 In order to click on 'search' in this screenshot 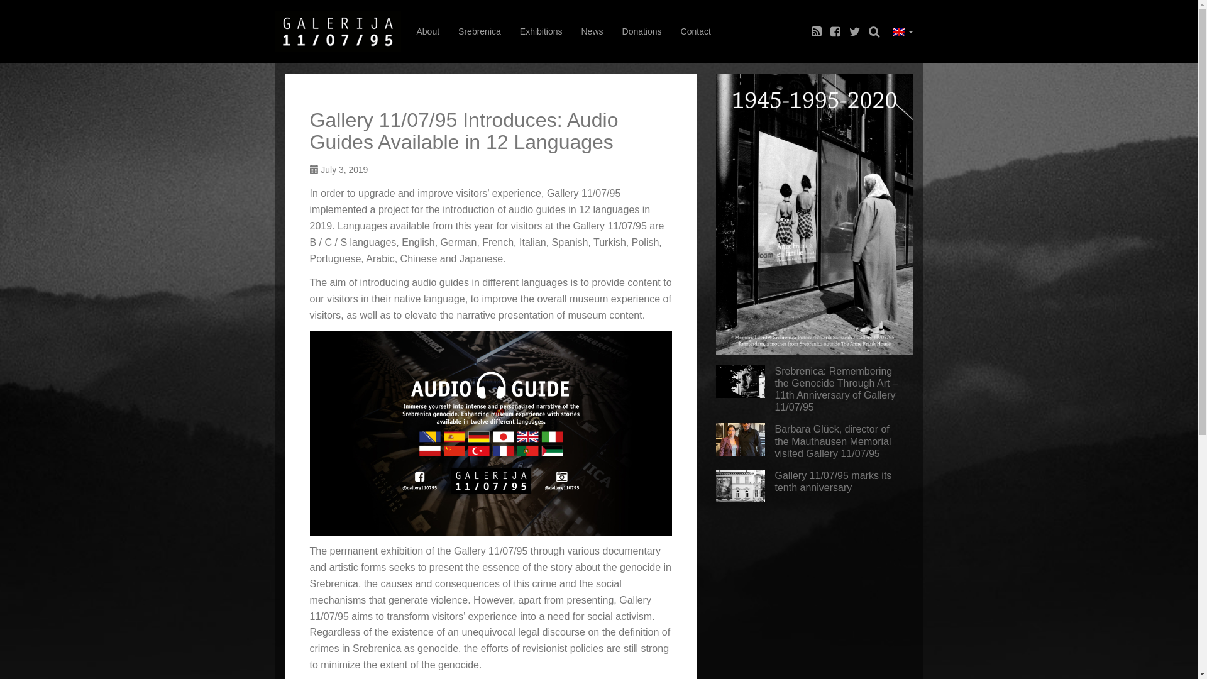, I will do `click(873, 31)`.